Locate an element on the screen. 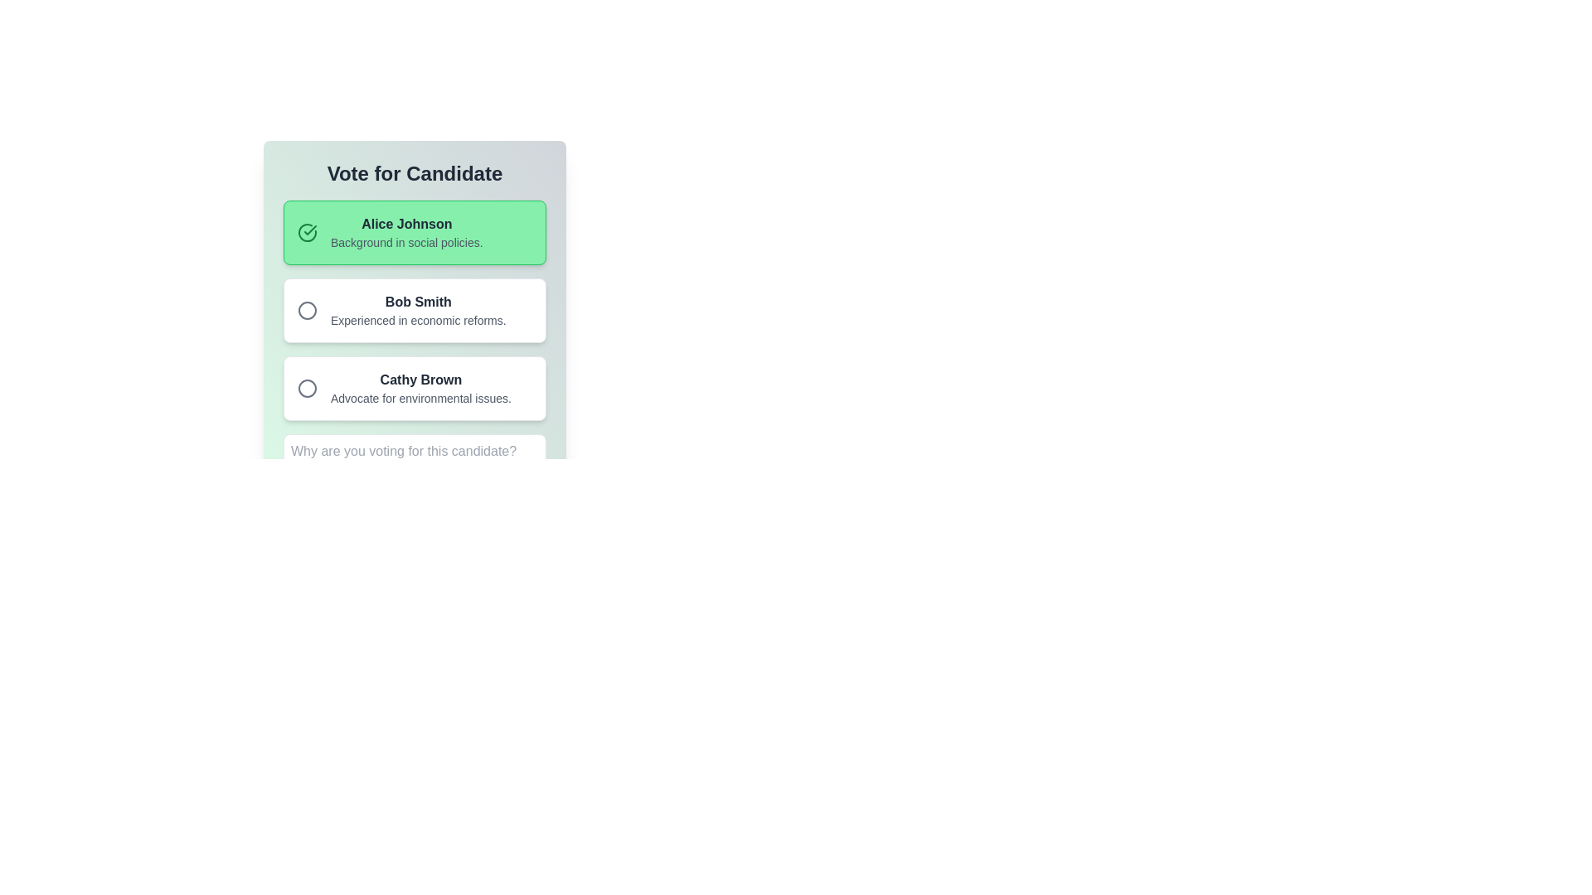 This screenshot has width=1592, height=895. the radio button on the selectable card positioned between 'Alice Johnson' and 'Cathy Brown' in the voting interface is located at coordinates (415, 310).